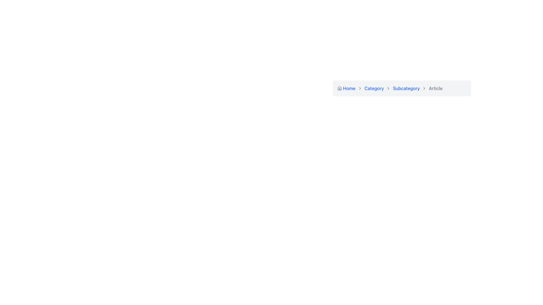 This screenshot has height=305, width=543. I want to click on the right-facing chevron icon in the breadcrumb navigation bar, which separates the 'Category' and 'Subcategory' items, so click(388, 88).